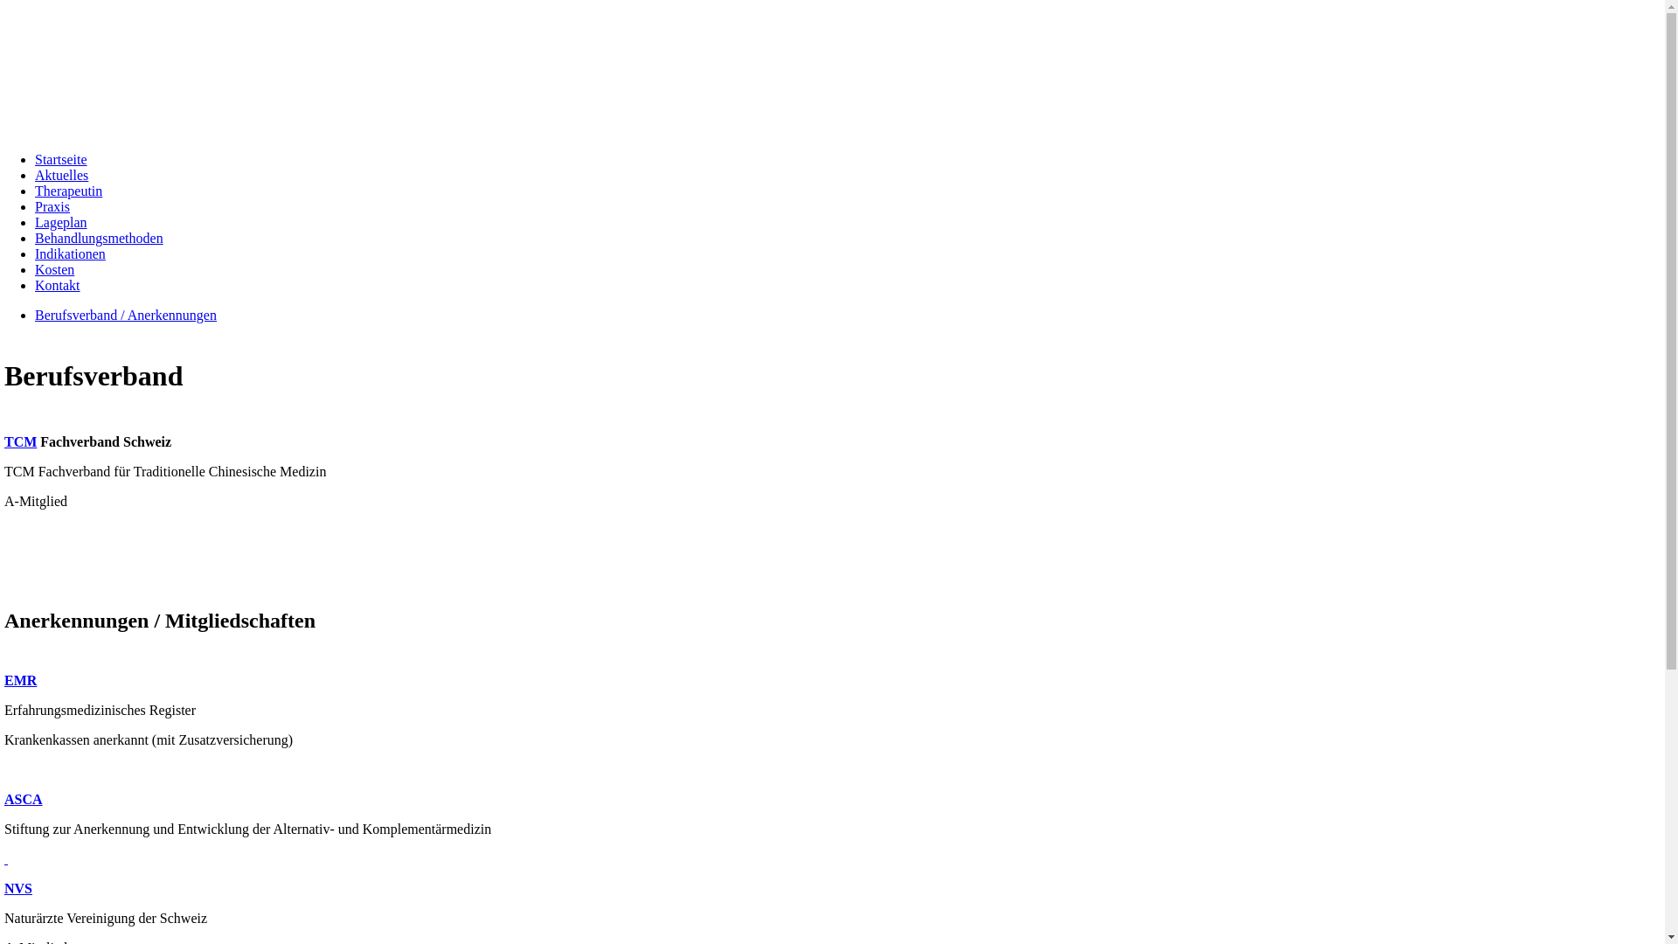 The height and width of the screenshot is (944, 1678). Describe the element at coordinates (61, 221) in the screenshot. I see `'Lageplan'` at that location.